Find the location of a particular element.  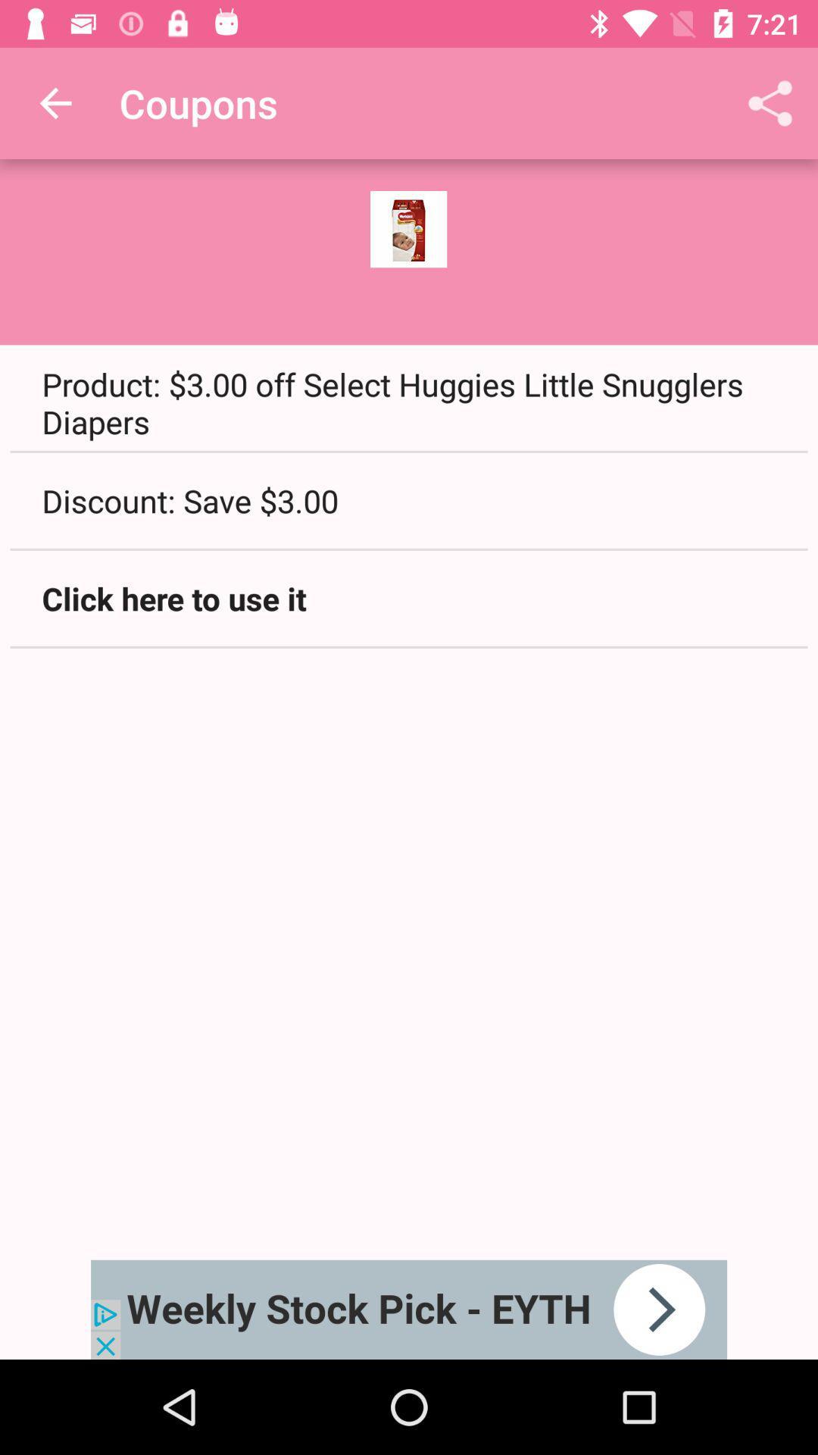

next is located at coordinates (409, 1309).